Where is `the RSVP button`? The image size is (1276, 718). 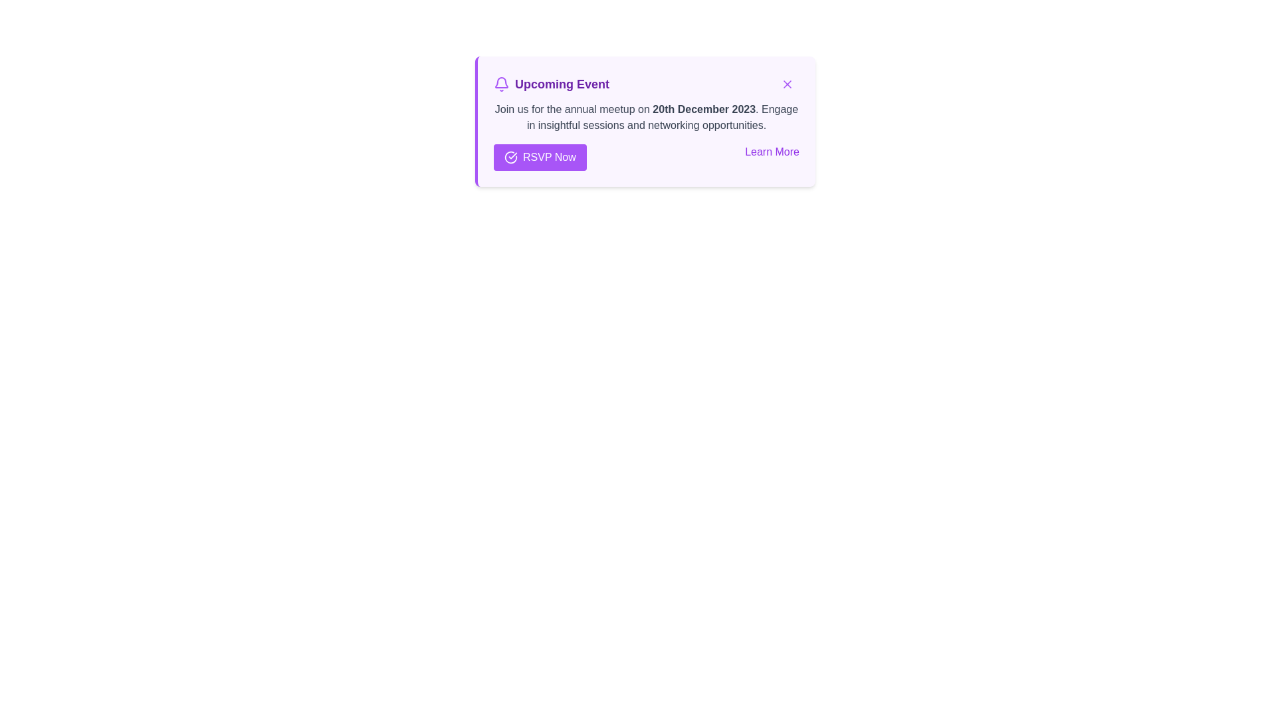 the RSVP button is located at coordinates (540, 156).